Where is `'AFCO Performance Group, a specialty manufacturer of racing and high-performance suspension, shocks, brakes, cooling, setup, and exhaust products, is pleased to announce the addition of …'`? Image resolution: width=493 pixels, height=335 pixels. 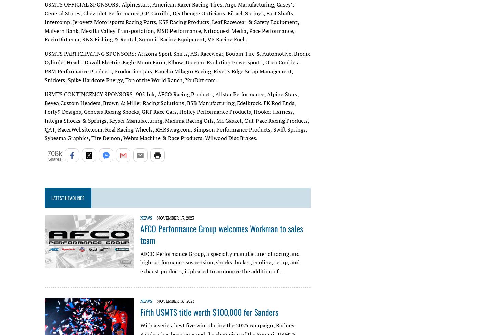
'AFCO Performance Group, a specialty manufacturer of racing and high-performance suspension, shocks, brakes, cooling, setup, and exhaust products, is pleased to announce the addition of …' is located at coordinates (219, 262).